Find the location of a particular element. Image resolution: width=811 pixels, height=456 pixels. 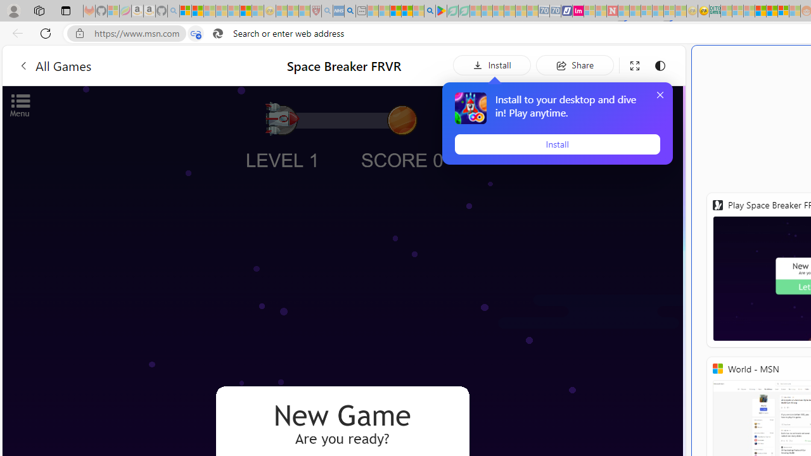

'Pets - MSN' is located at coordinates (407, 11).